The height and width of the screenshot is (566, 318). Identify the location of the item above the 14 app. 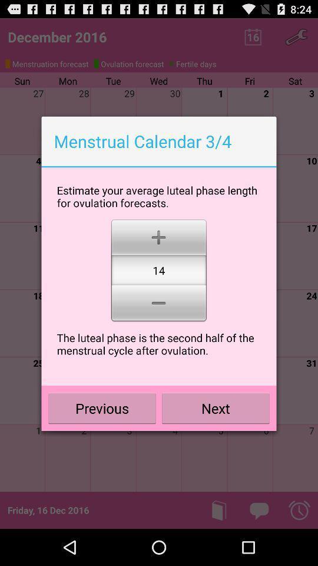
(158, 236).